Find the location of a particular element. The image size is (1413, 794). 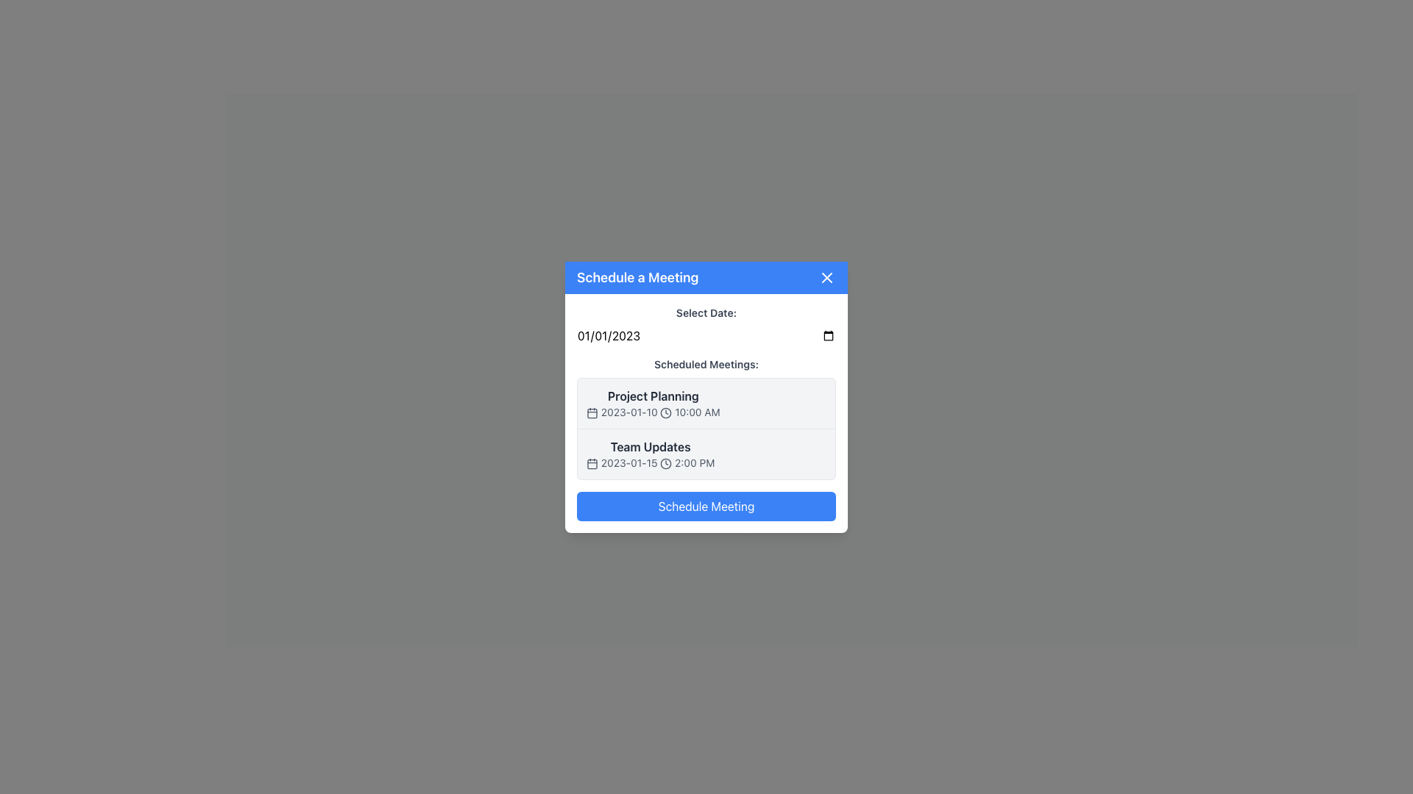

the blue circular button with a white 'X' icon in the top right corner of the blue header is located at coordinates (826, 277).